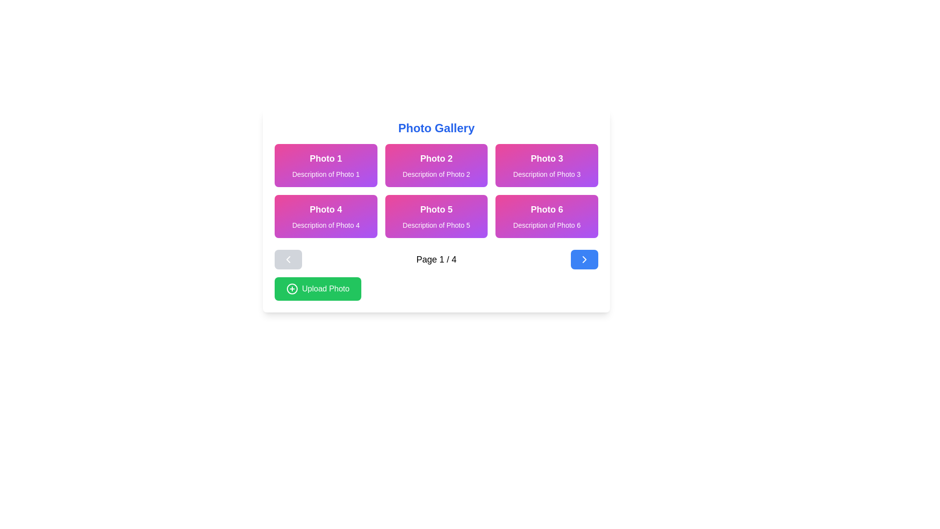 The width and height of the screenshot is (940, 529). What do you see at coordinates (436, 165) in the screenshot?
I see `the second card in the first row of the photo gallery layout, which displays the title and description of a photo` at bounding box center [436, 165].